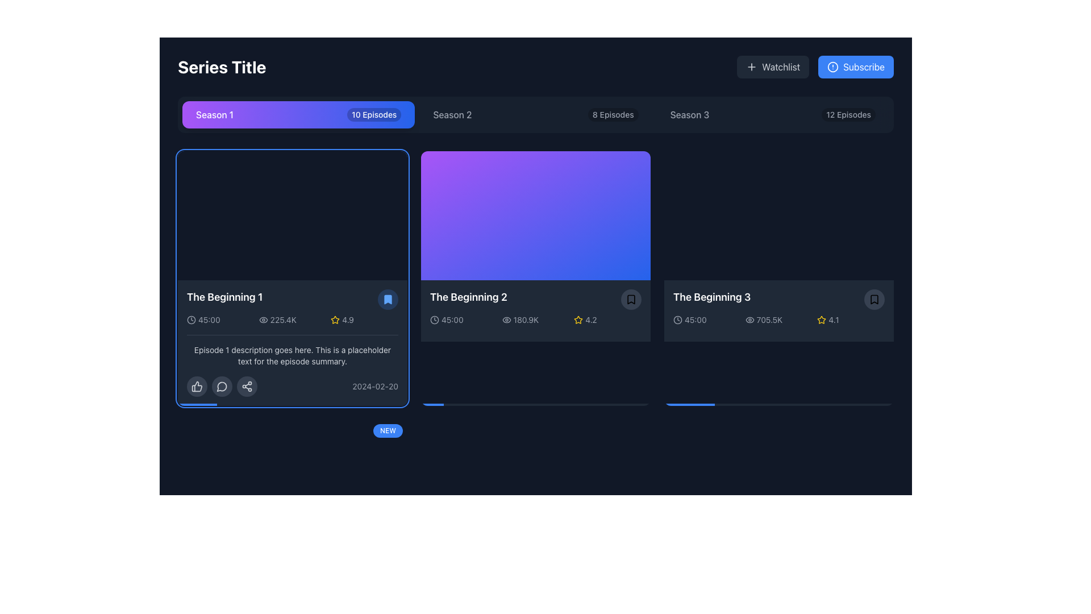 This screenshot has width=1091, height=614. Describe the element at coordinates (778, 320) in the screenshot. I see `the informational display segment at the bottom of the third card titled 'The Beginning 3', which summarizes information about the item, including its duration, popularity, and rating` at that location.